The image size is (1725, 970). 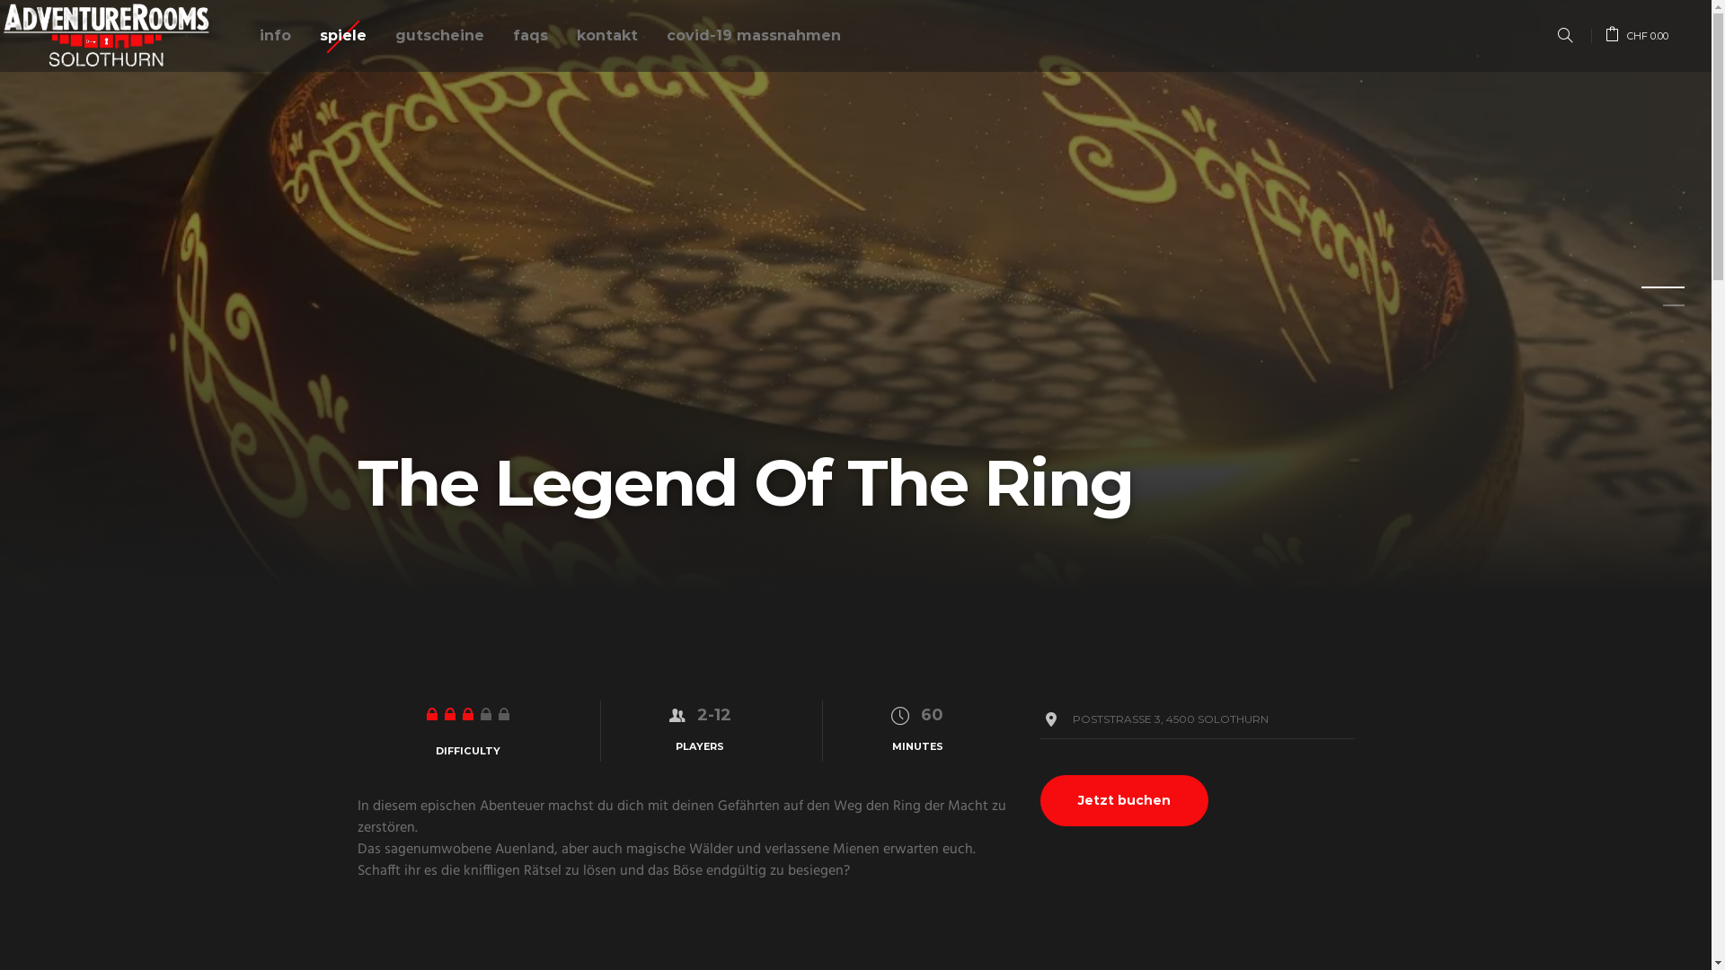 What do you see at coordinates (1637, 35) in the screenshot?
I see `'CHF 0.00'` at bounding box center [1637, 35].